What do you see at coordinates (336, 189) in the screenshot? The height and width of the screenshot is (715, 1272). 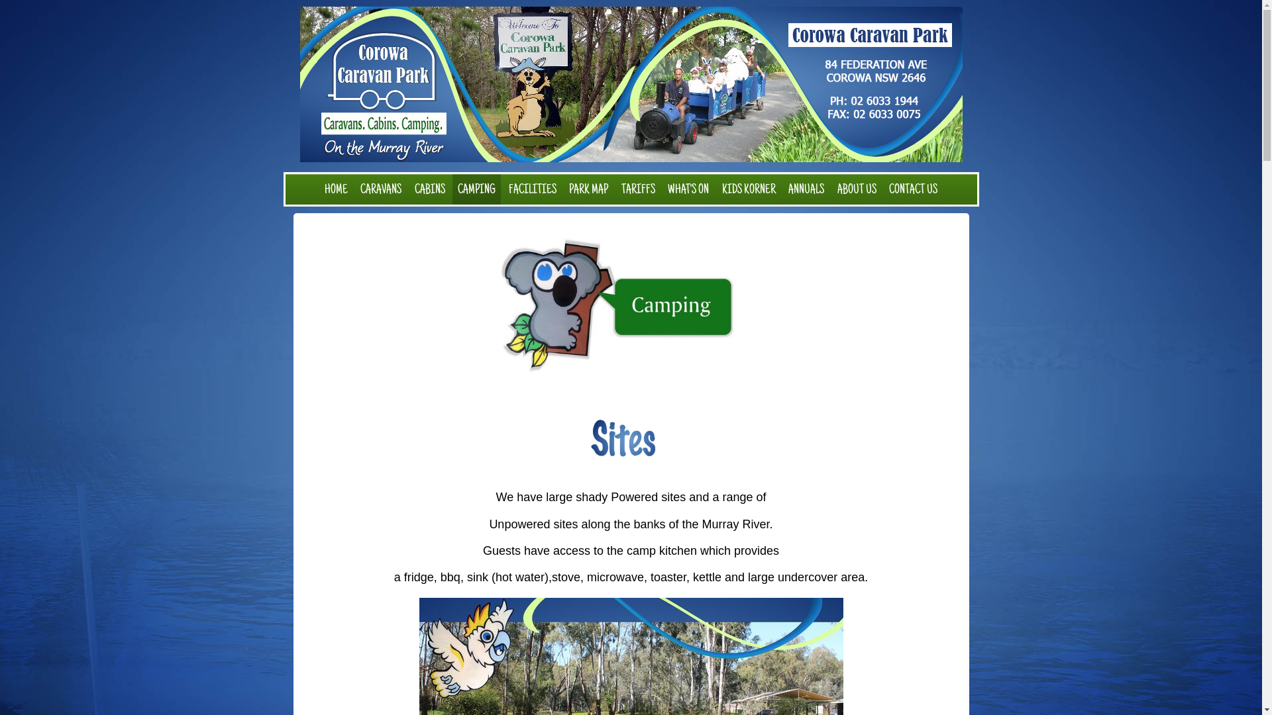 I see `'HOME'` at bounding box center [336, 189].